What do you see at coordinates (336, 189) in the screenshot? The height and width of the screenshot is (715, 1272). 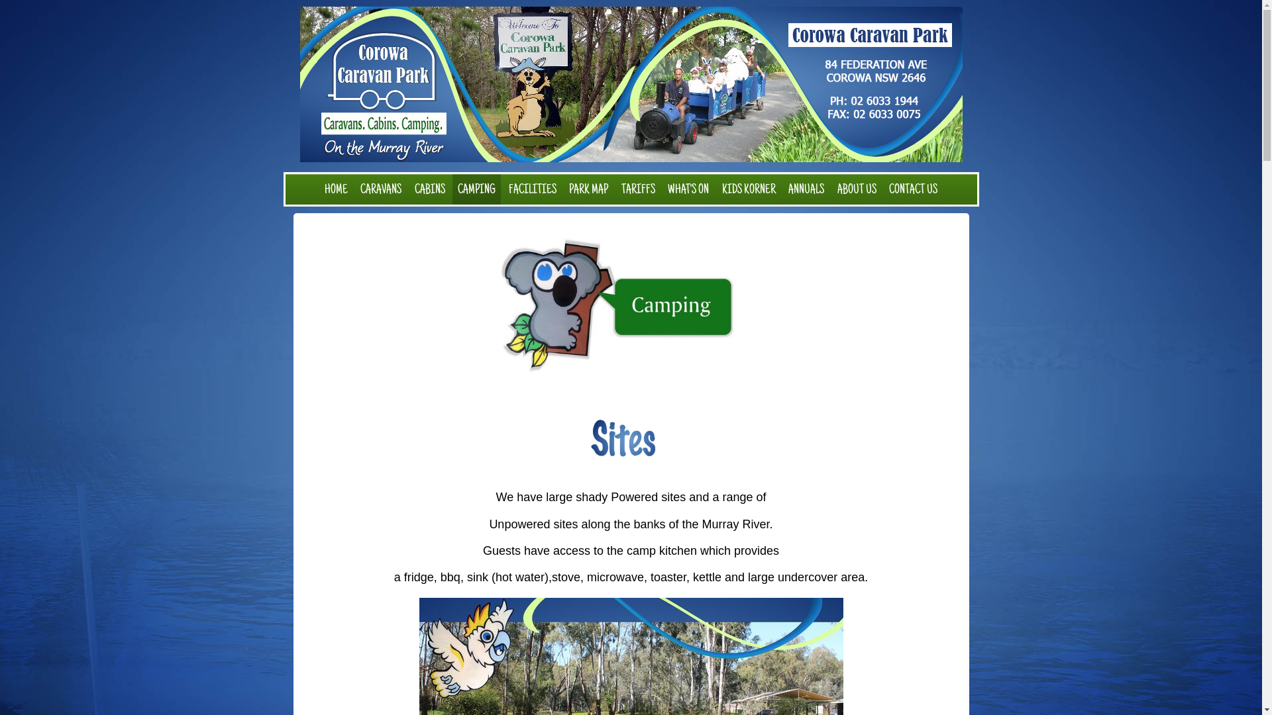 I see `'HOME'` at bounding box center [336, 189].